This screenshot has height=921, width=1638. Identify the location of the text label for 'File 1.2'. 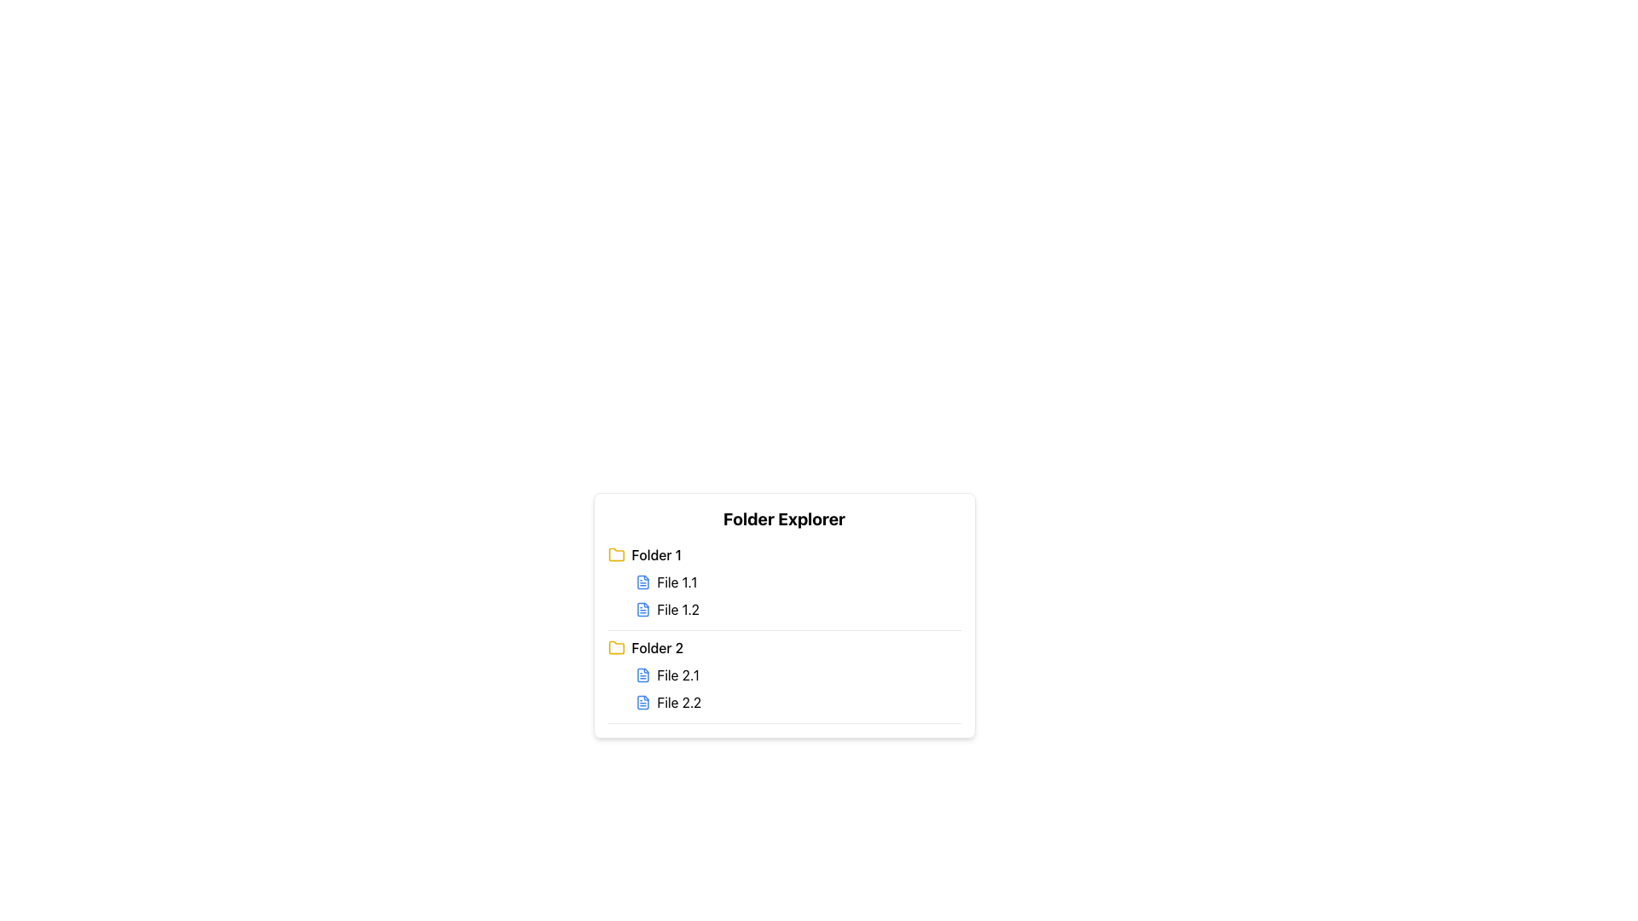
(677, 608).